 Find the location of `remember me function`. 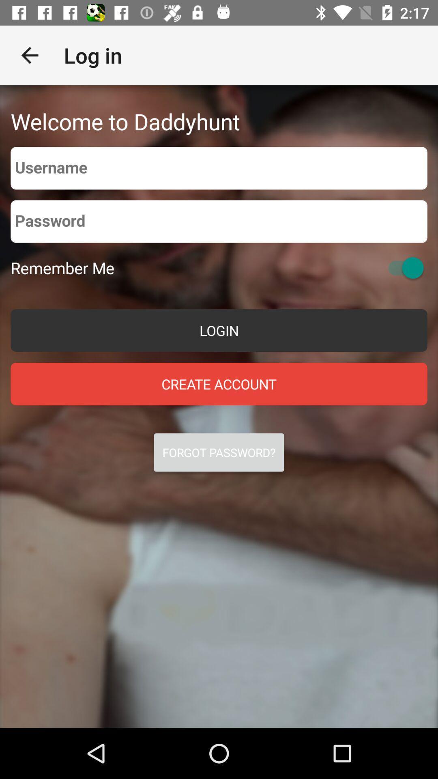

remember me function is located at coordinates (402, 268).